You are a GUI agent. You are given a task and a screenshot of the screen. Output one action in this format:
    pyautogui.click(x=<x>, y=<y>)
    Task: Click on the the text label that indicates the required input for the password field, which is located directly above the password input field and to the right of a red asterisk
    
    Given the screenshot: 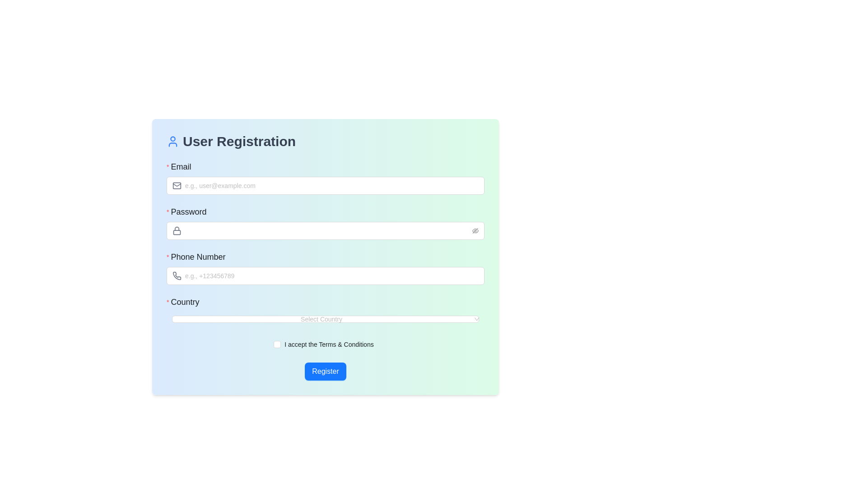 What is the action you would take?
    pyautogui.click(x=188, y=212)
    